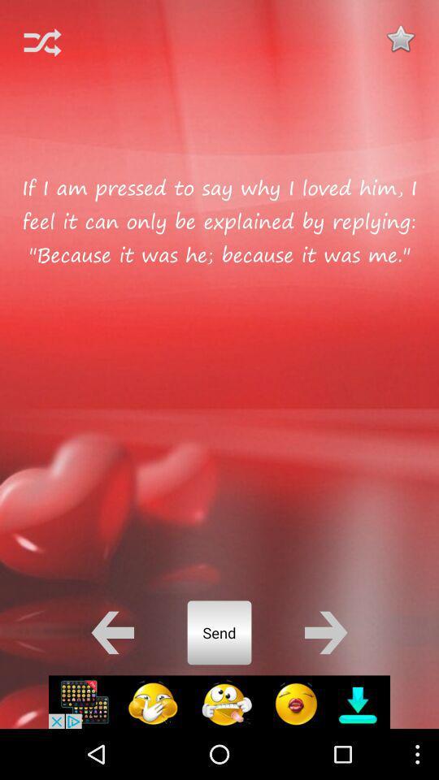 This screenshot has width=439, height=780. Describe the element at coordinates (42, 41) in the screenshot. I see `shuffle` at that location.